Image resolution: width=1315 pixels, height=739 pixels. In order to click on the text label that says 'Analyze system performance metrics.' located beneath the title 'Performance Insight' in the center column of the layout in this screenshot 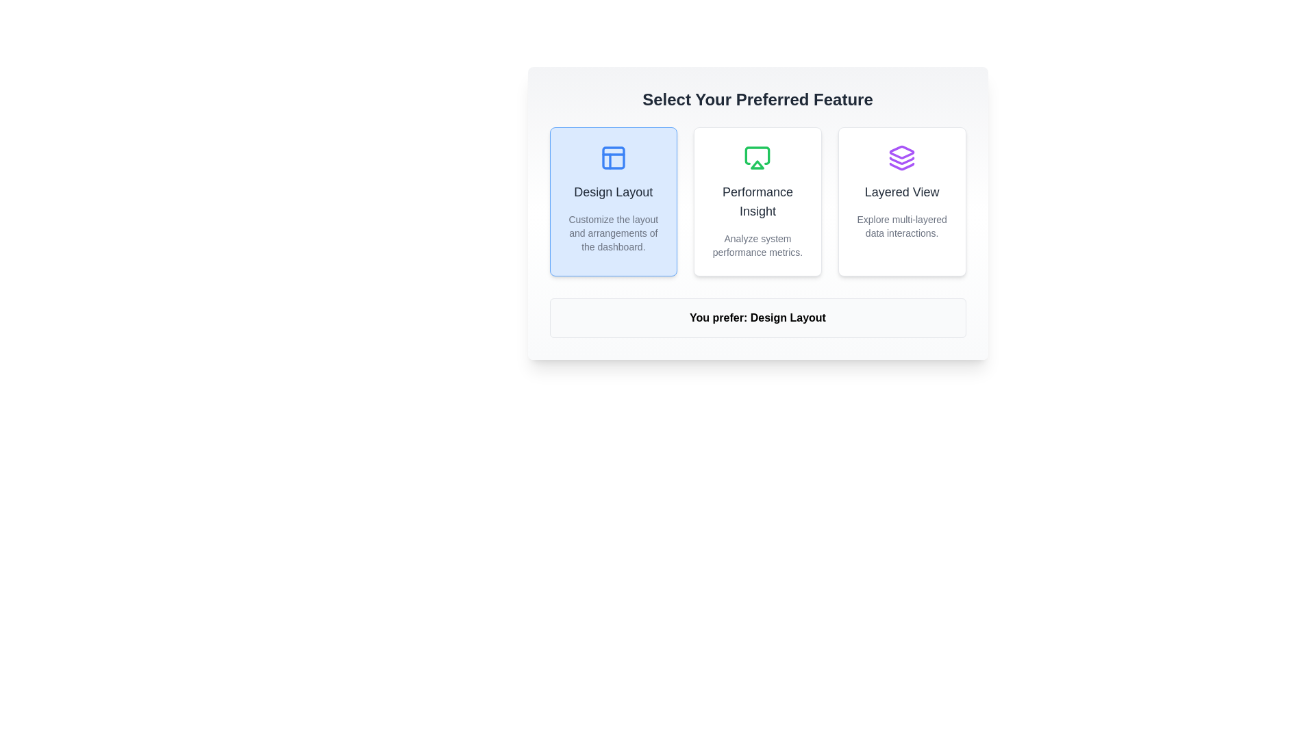, I will do `click(757, 244)`.